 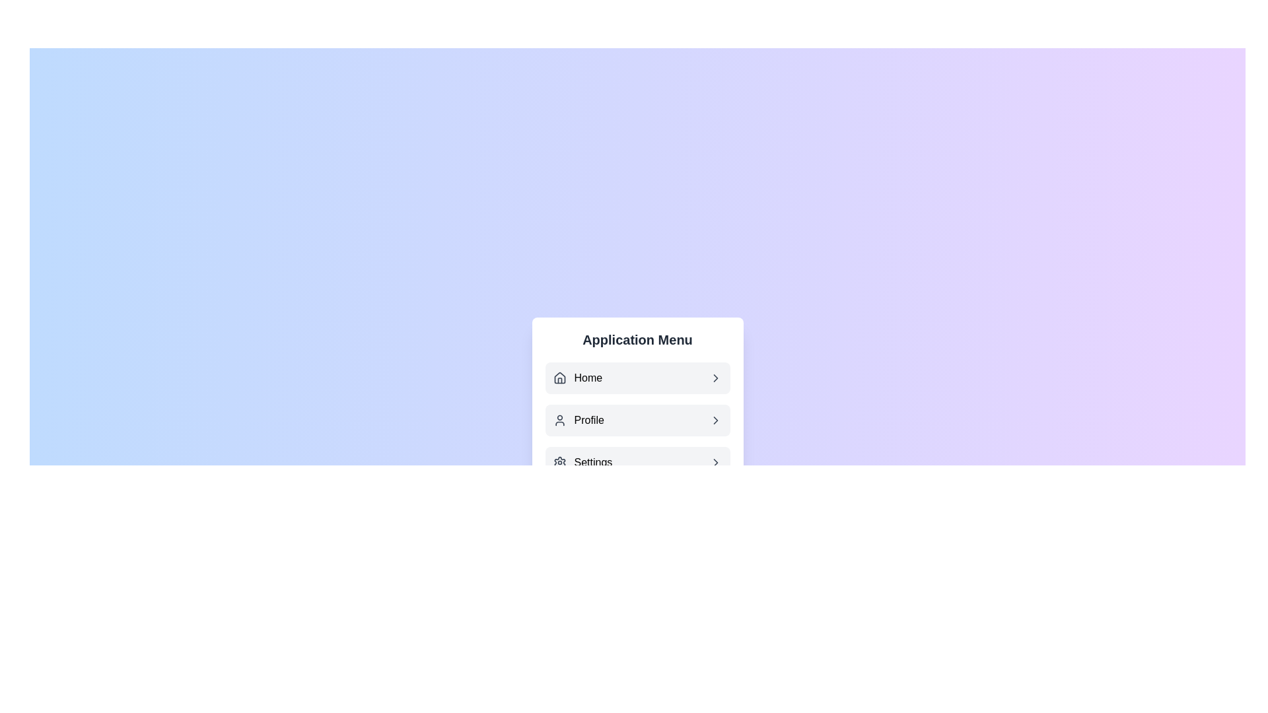 I want to click on the 'Settings' menu item, which is the third item, so click(x=582, y=462).